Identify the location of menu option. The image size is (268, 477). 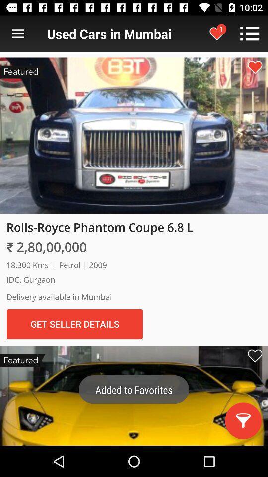
(18, 34).